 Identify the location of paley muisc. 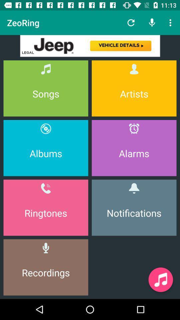
(160, 280).